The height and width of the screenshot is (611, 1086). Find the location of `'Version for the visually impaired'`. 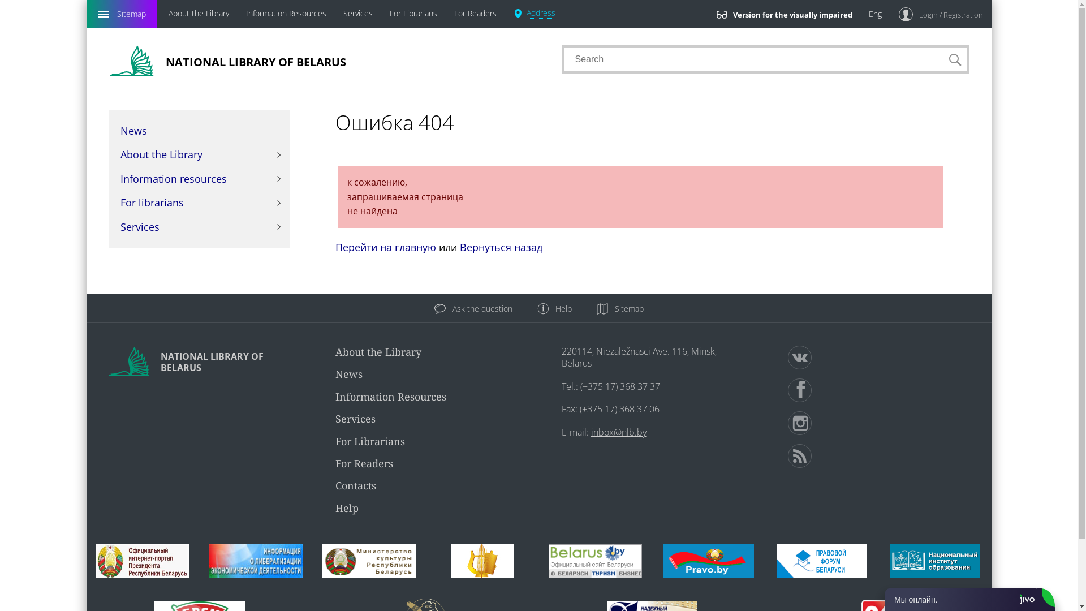

'Version for the visually impaired' is located at coordinates (784, 14).